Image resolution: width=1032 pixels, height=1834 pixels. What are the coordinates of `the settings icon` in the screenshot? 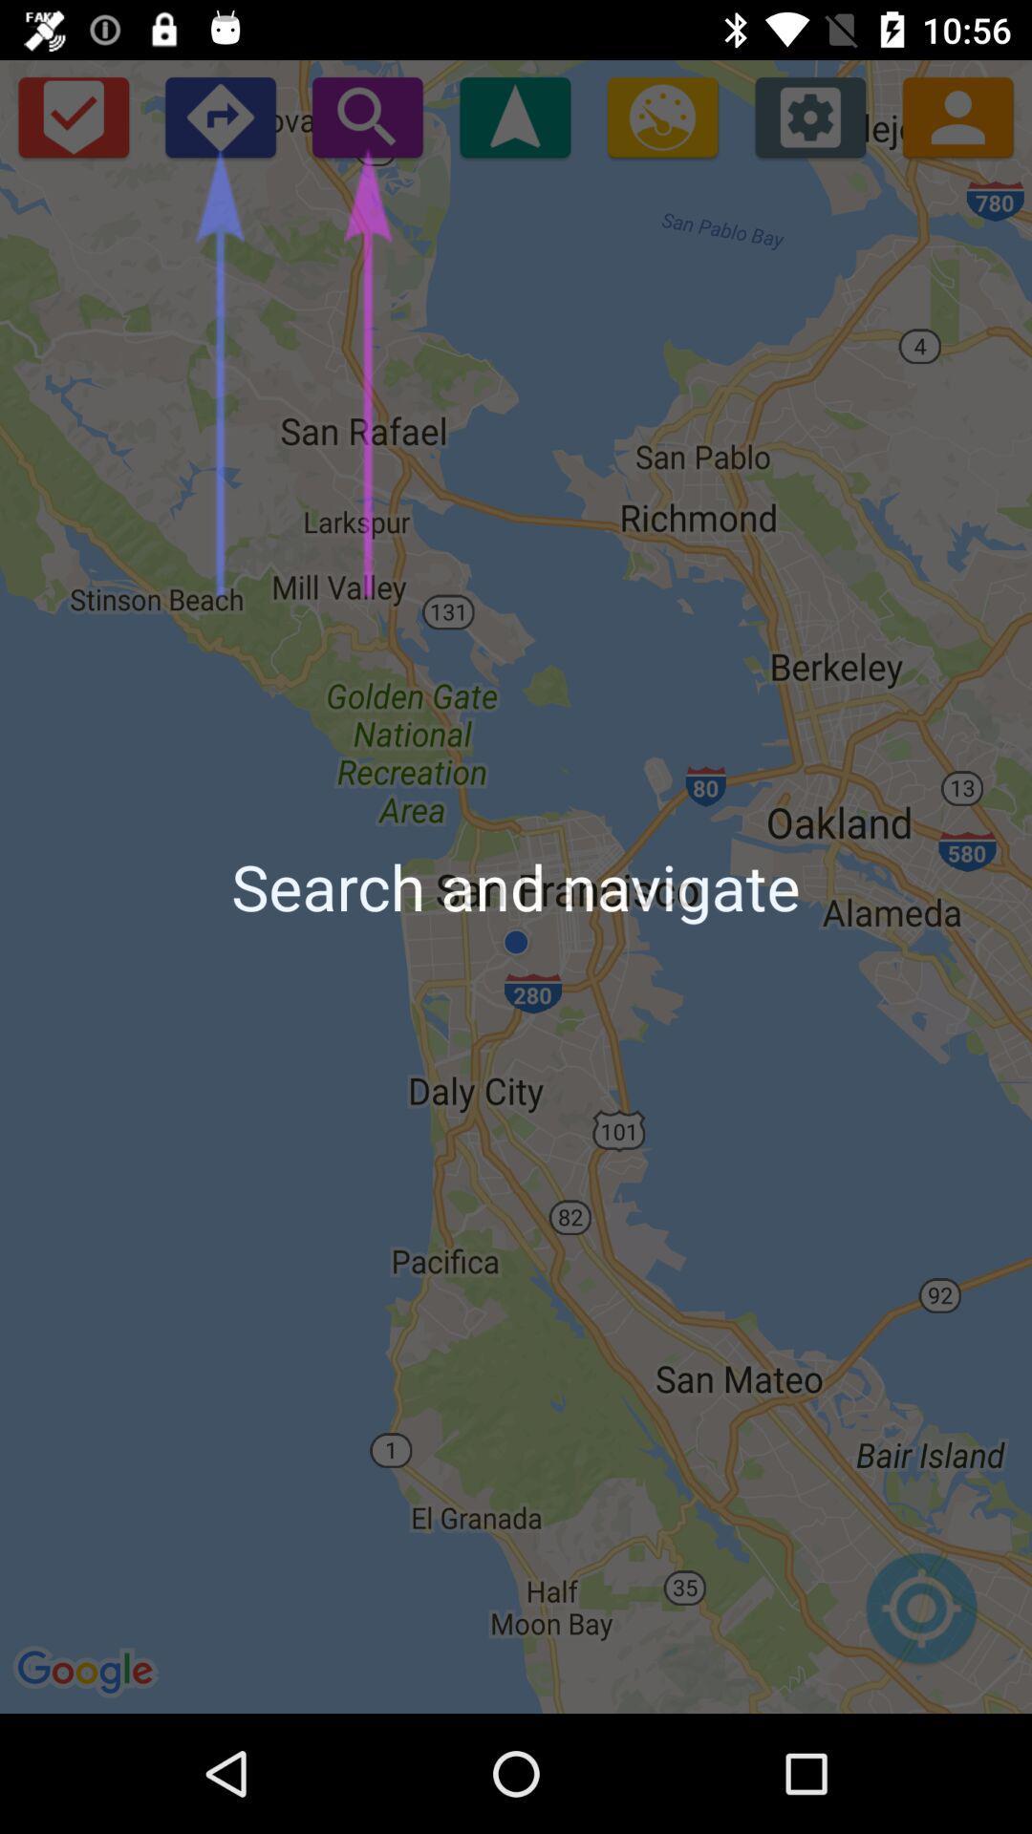 It's located at (810, 116).